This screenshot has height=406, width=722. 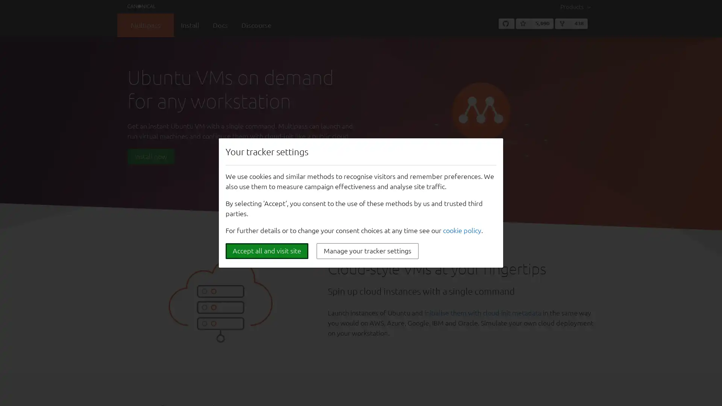 What do you see at coordinates (267, 251) in the screenshot?
I see `Accept all and visit site` at bounding box center [267, 251].